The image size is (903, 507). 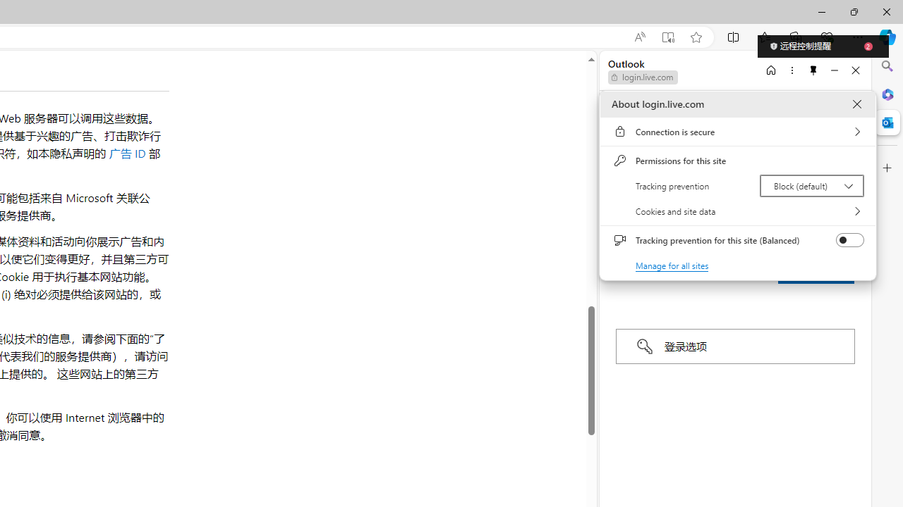 What do you see at coordinates (671, 265) in the screenshot?
I see `'Manage for all sites'` at bounding box center [671, 265].